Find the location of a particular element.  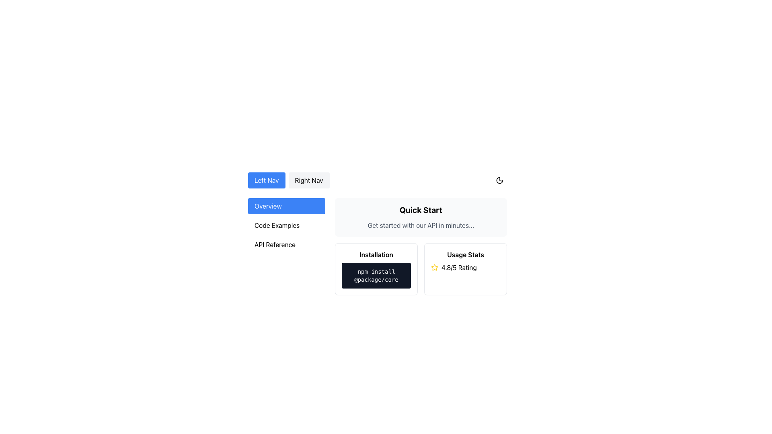

the crescent moon icon located at the top-right corner of the interface, which symbolizes dark mode is located at coordinates (499, 180).